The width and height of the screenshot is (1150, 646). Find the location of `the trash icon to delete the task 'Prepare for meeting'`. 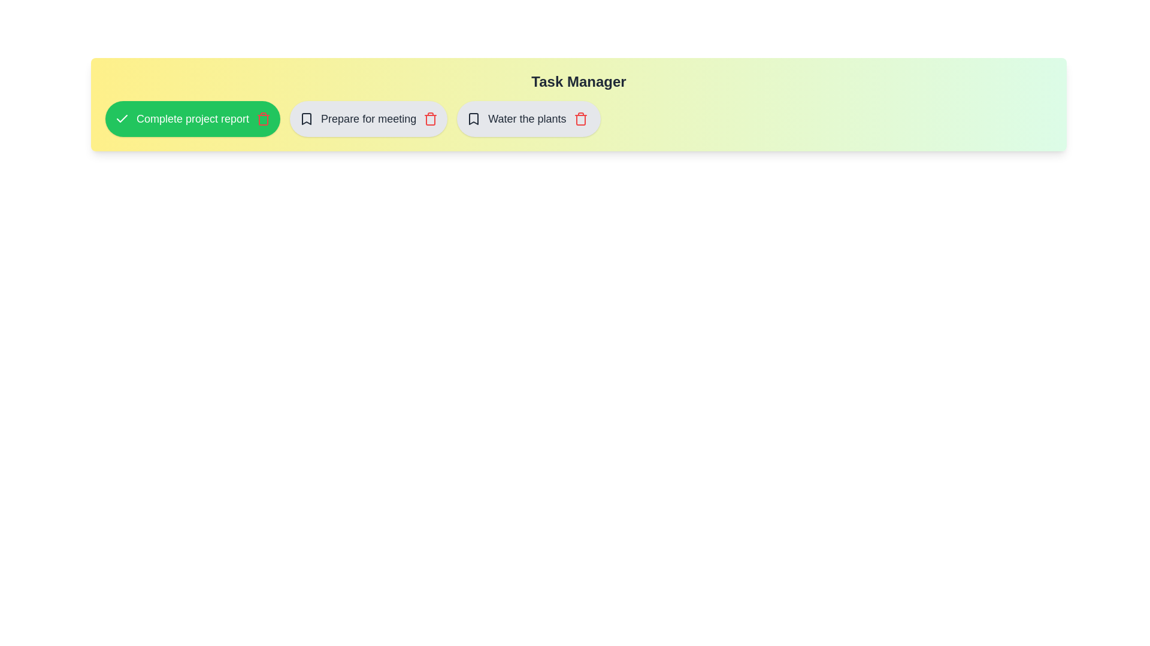

the trash icon to delete the task 'Prepare for meeting' is located at coordinates (431, 119).